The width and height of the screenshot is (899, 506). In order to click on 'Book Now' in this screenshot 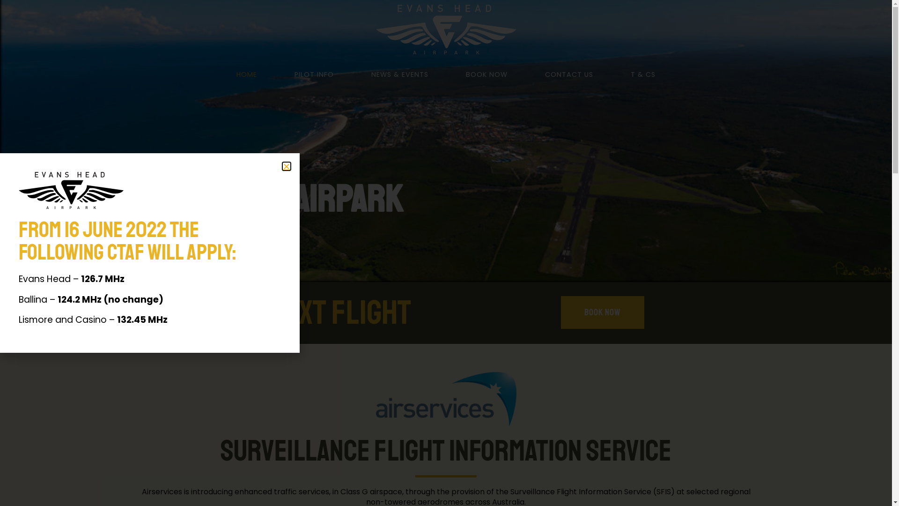, I will do `click(602, 313)`.